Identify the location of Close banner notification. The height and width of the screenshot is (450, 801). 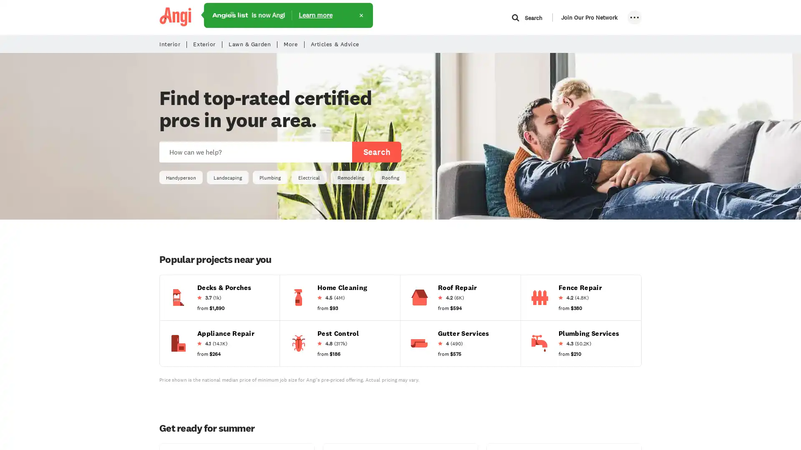
(360, 15).